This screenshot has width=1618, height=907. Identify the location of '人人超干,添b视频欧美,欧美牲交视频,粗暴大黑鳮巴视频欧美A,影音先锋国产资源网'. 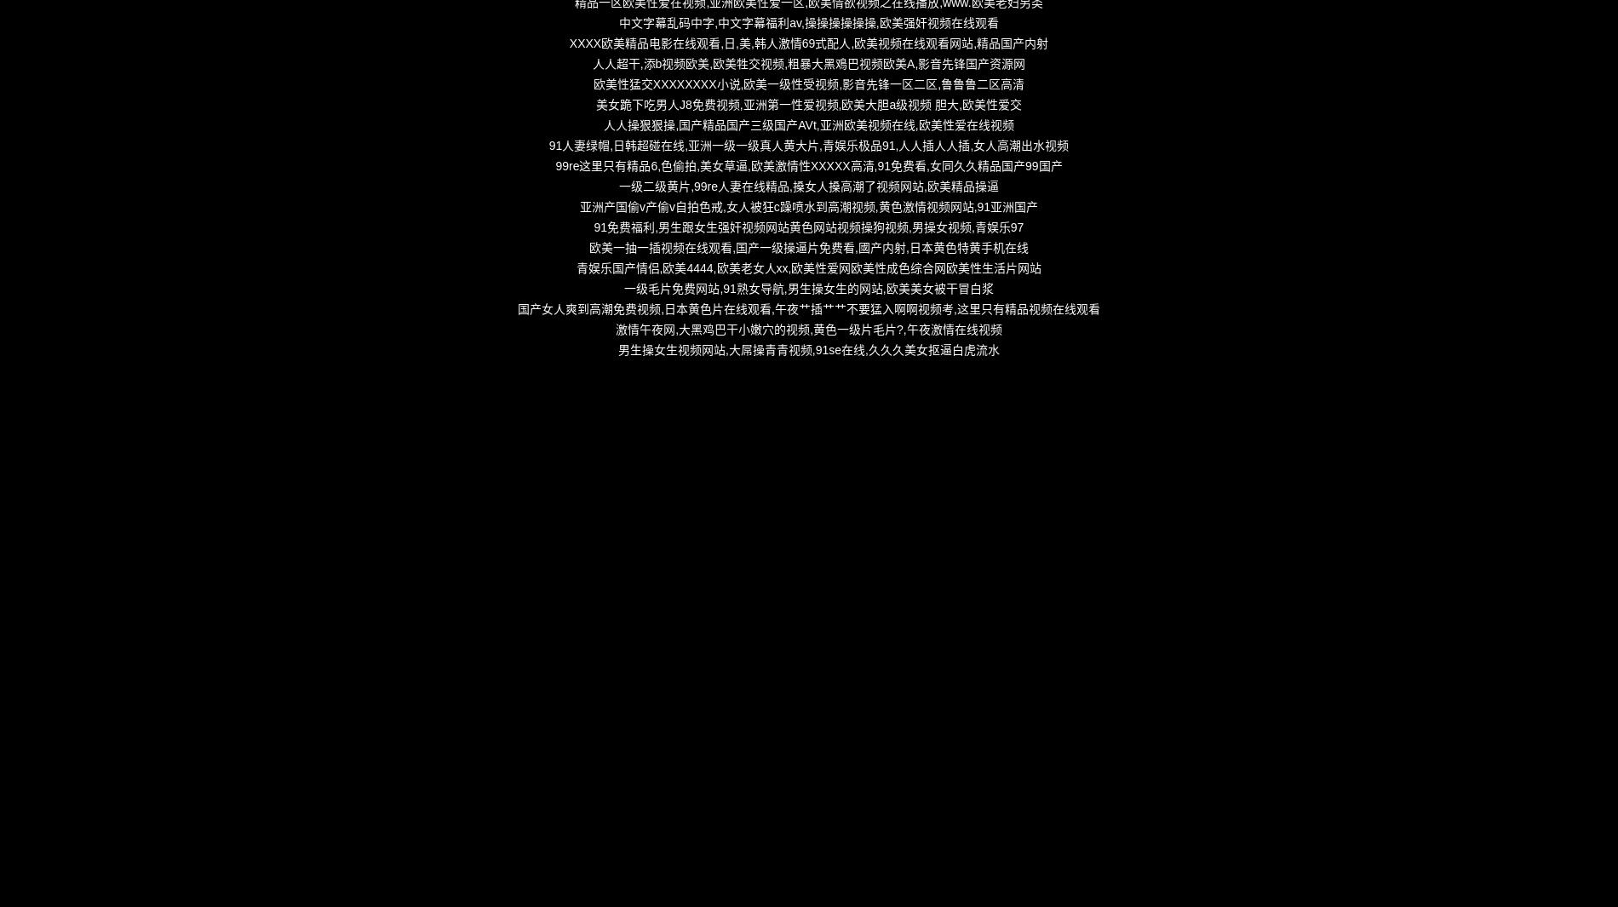
(807, 62).